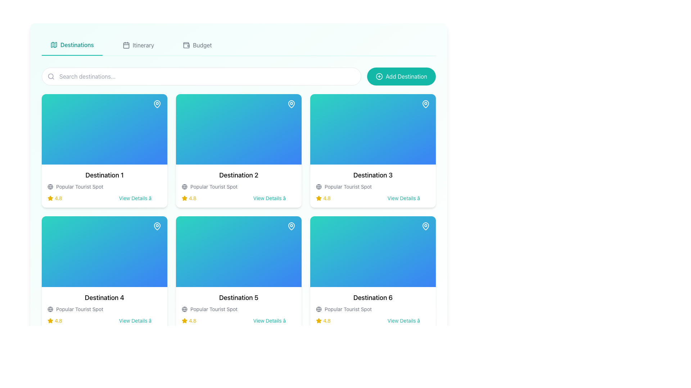 The width and height of the screenshot is (691, 388). Describe the element at coordinates (274, 198) in the screenshot. I see `the navigational link located in the bottom right corner of the card representing Destination 2` at that location.